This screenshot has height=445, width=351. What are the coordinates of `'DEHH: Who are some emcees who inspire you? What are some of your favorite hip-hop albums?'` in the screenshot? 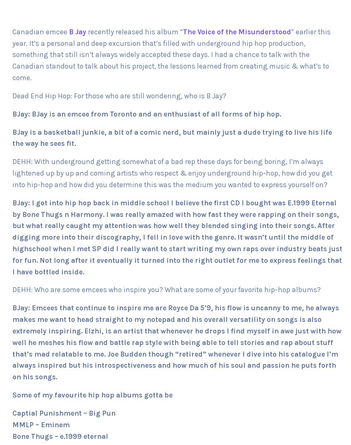 It's located at (166, 289).